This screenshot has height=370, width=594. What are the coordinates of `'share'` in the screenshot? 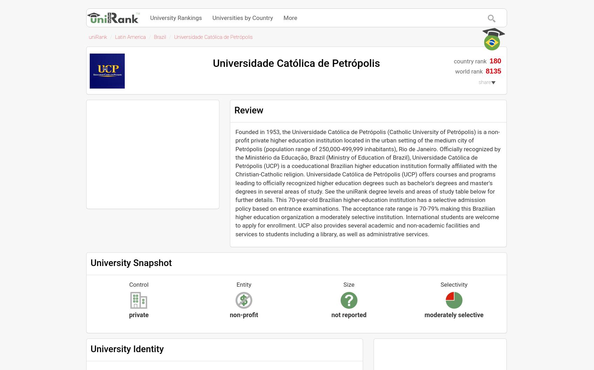 It's located at (484, 82).